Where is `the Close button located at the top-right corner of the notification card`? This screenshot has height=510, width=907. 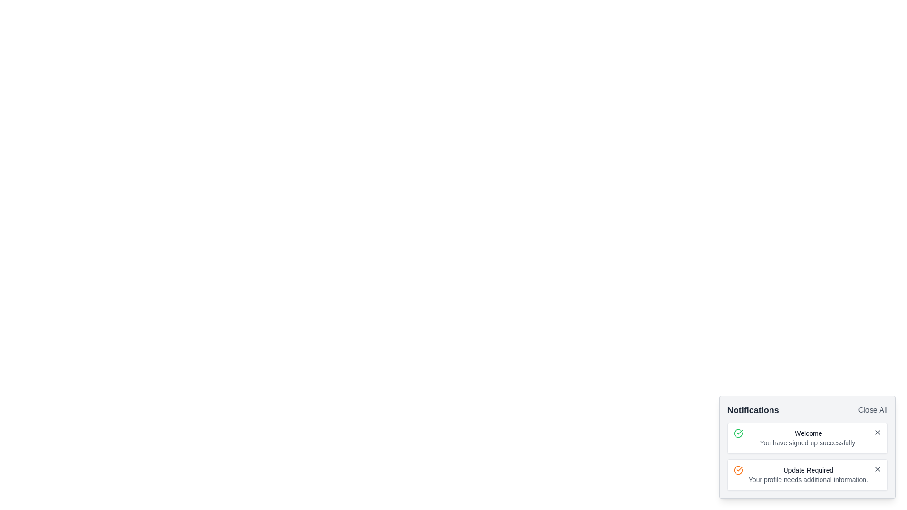
the Close button located at the top-right corner of the notification card is located at coordinates (877, 432).